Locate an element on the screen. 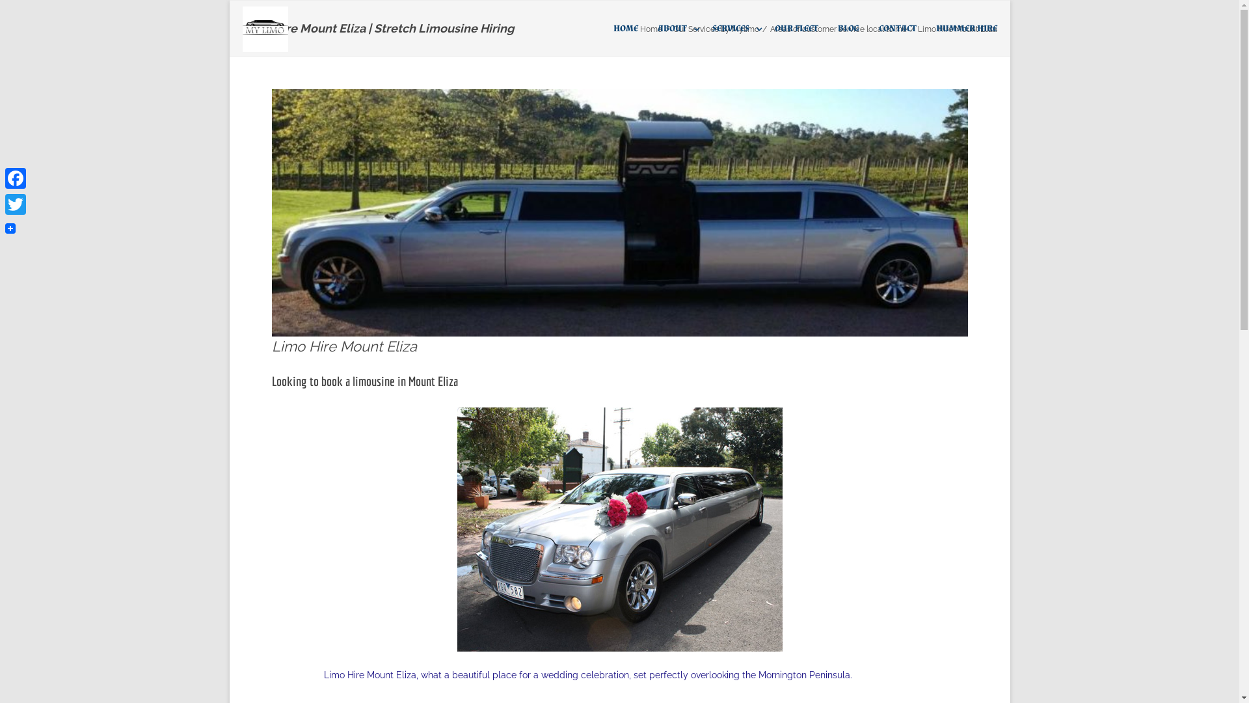  'HUMMER HIRE' is located at coordinates (935, 28).